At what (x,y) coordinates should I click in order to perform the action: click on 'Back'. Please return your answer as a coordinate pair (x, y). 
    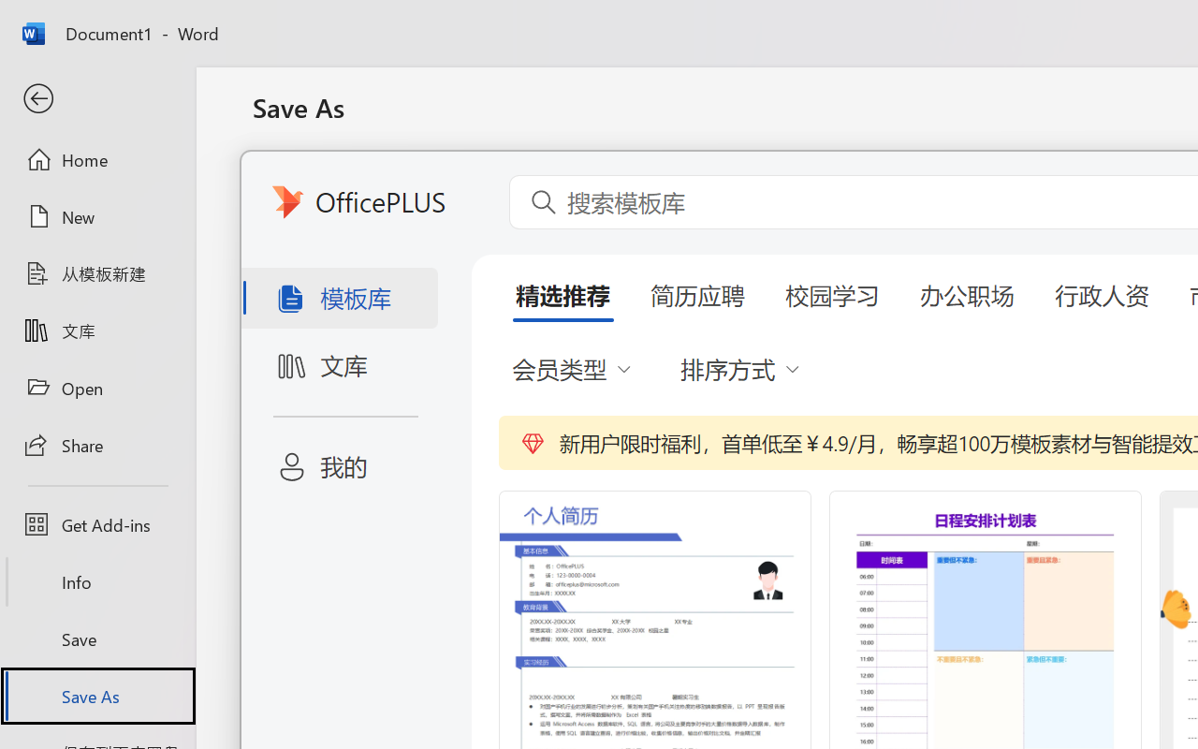
    Looking at the image, I should click on (96, 98).